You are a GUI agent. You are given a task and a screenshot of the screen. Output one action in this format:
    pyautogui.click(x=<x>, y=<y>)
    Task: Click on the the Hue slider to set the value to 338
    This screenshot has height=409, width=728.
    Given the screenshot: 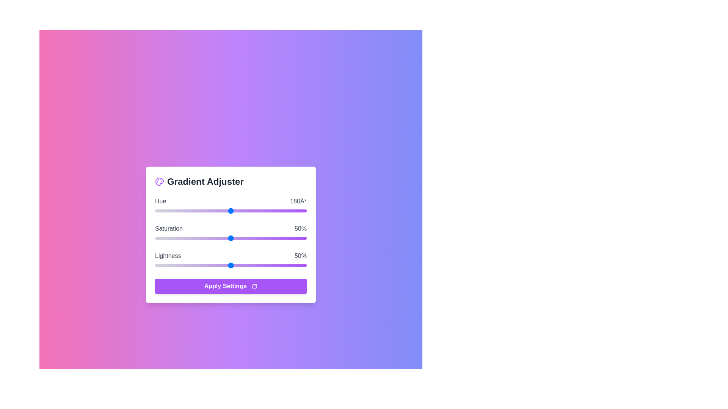 What is the action you would take?
    pyautogui.click(x=297, y=211)
    